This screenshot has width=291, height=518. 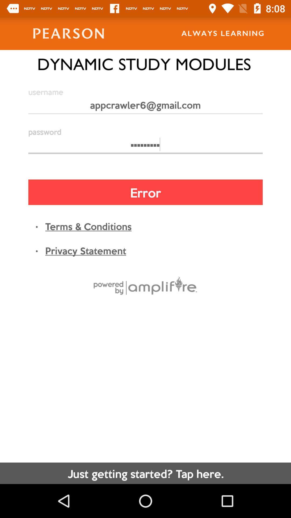 I want to click on the item below crowd3116 item, so click(x=145, y=192).